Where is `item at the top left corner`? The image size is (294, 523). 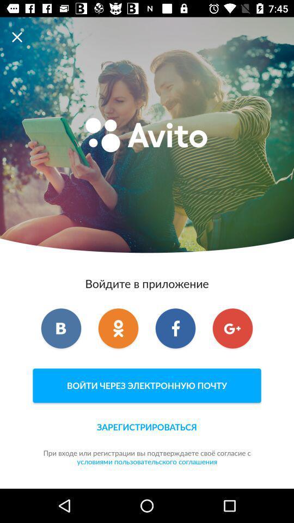
item at the top left corner is located at coordinates (20, 37).